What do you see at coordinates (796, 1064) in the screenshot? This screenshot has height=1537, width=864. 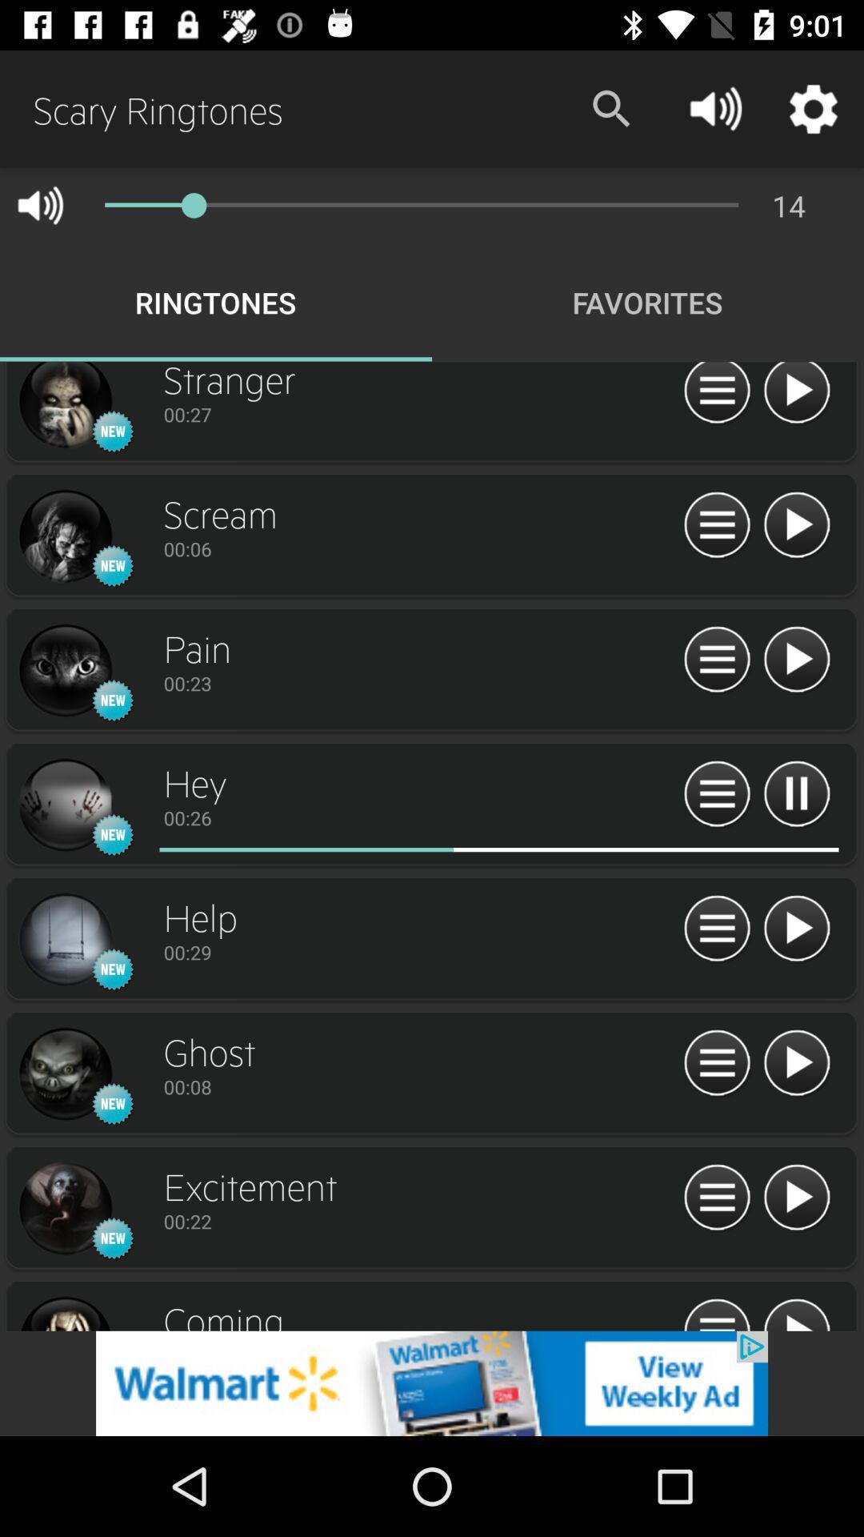 I see `sound` at bounding box center [796, 1064].